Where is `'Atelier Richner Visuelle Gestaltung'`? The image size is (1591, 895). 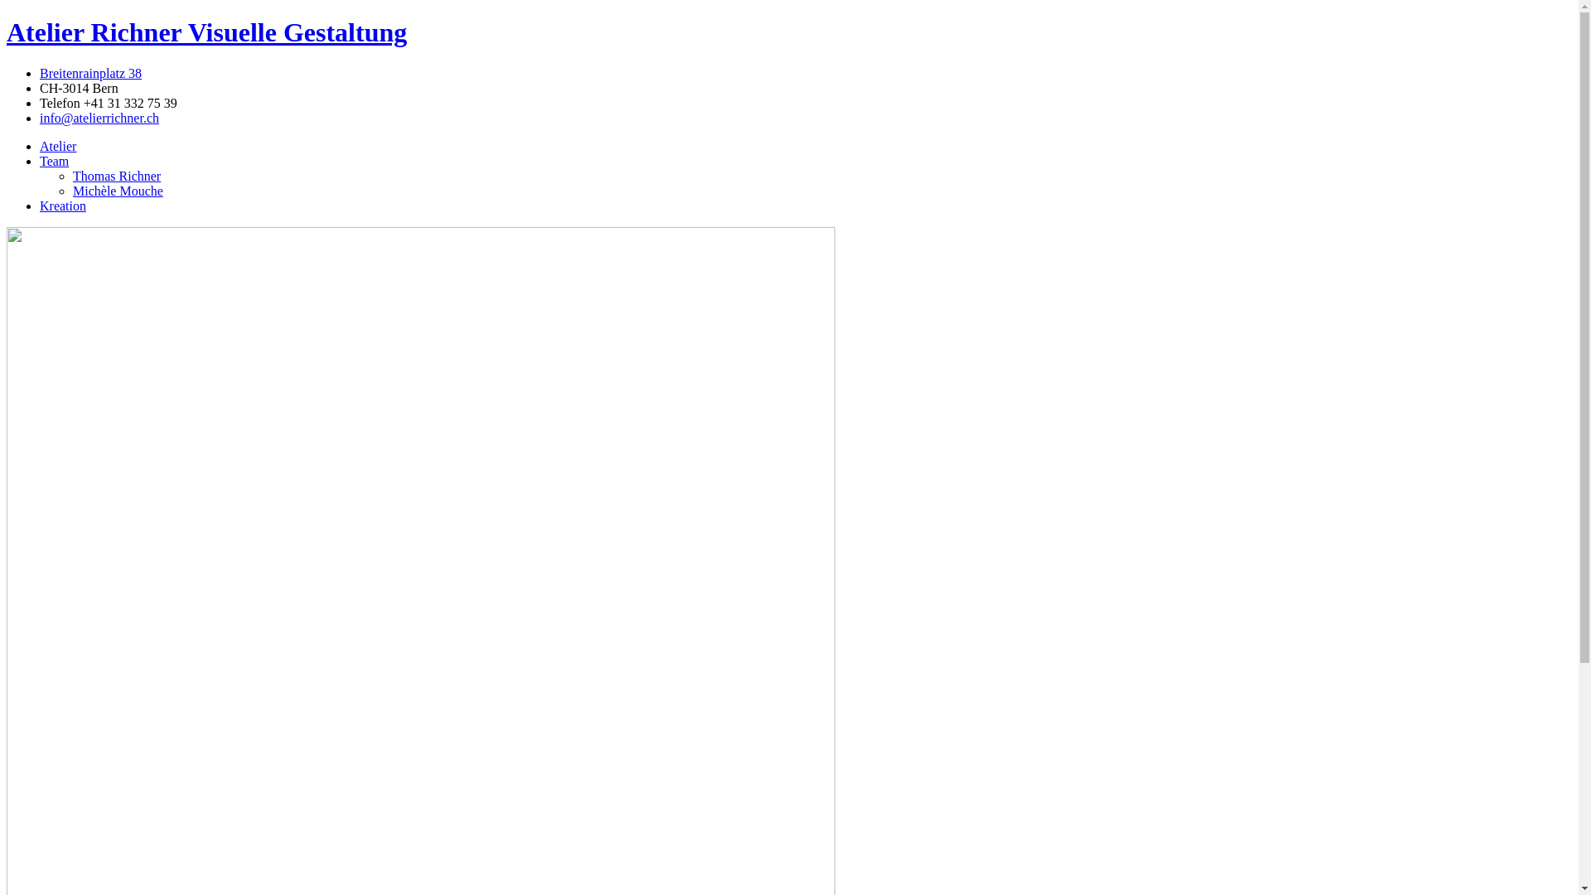 'Atelier Richner Visuelle Gestaltung' is located at coordinates (206, 31).